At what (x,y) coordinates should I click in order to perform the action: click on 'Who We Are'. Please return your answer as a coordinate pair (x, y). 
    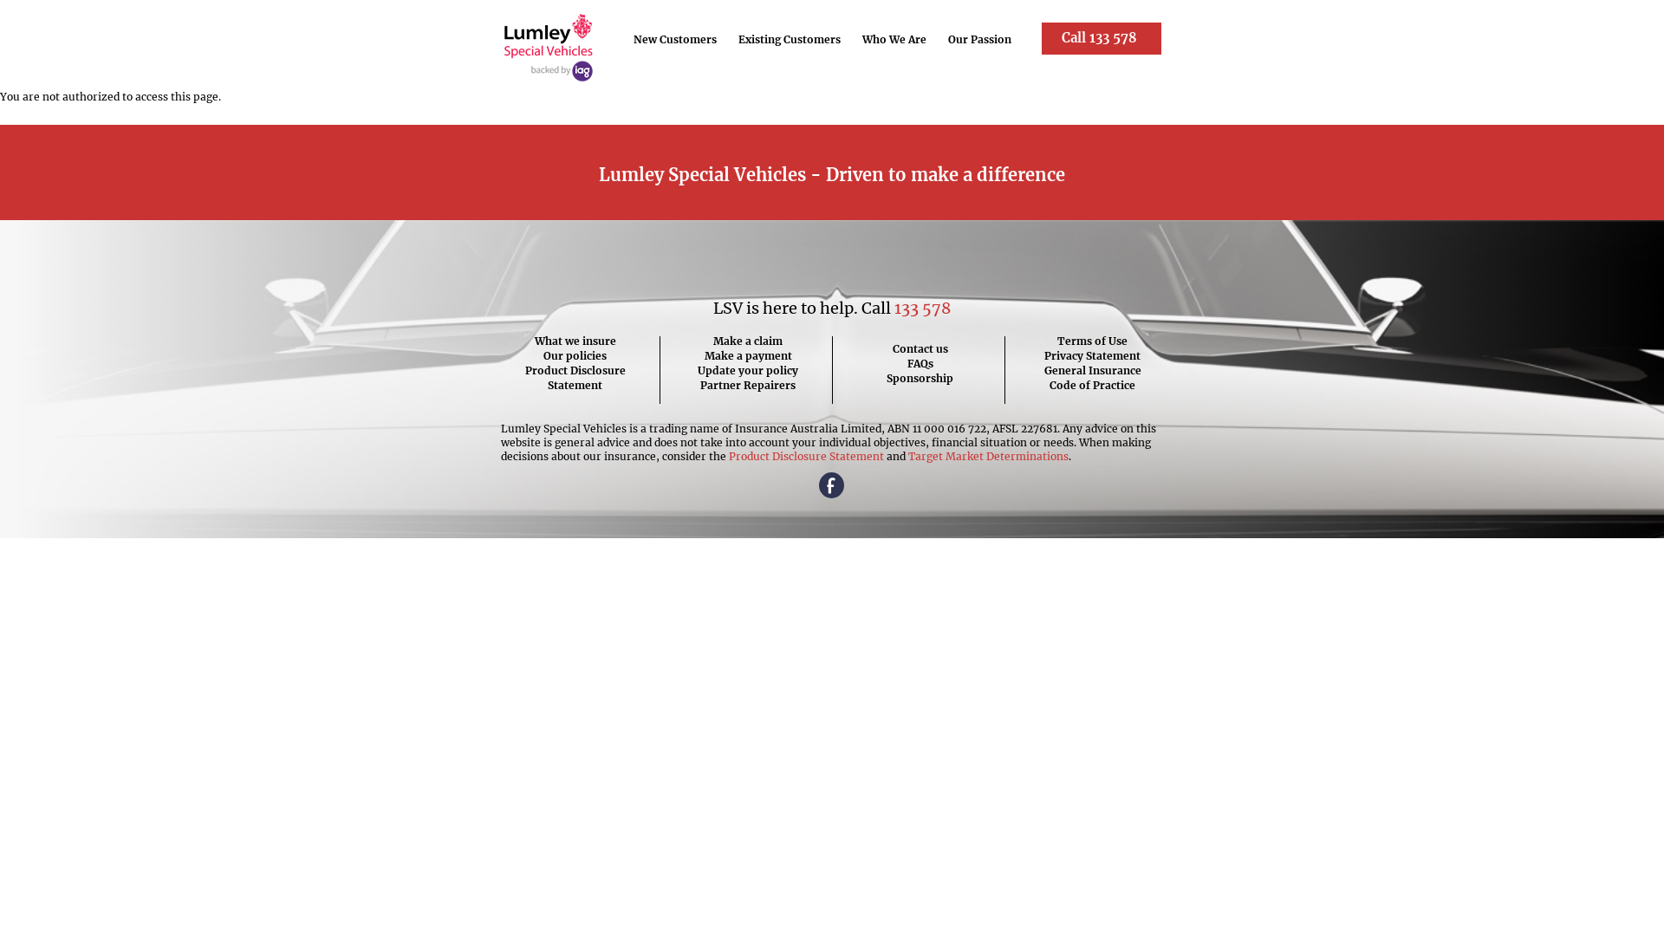
    Looking at the image, I should click on (894, 39).